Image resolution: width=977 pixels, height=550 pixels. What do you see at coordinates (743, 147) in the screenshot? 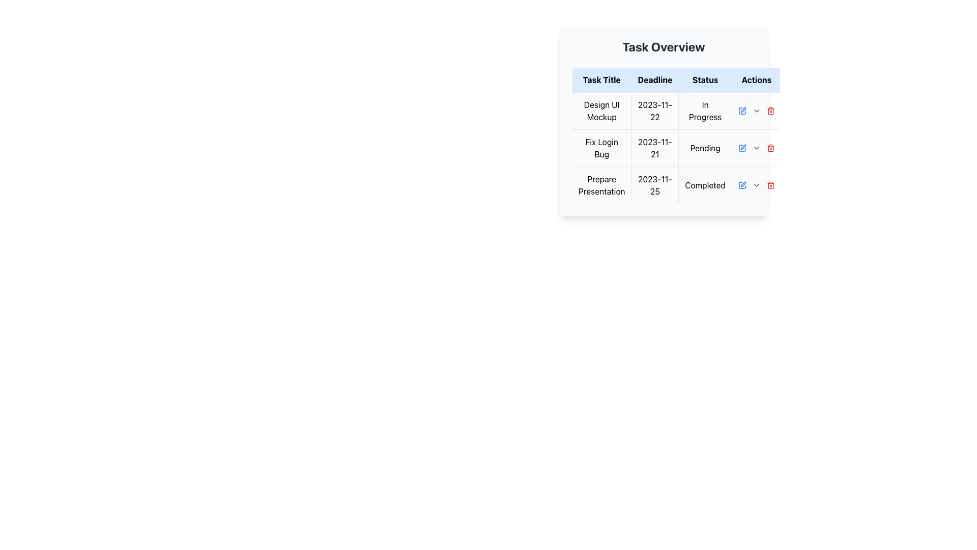
I see `the SVG icon in the 'Actions' column of the second row, adjacent to the 'Fix Login Bug' task` at bounding box center [743, 147].